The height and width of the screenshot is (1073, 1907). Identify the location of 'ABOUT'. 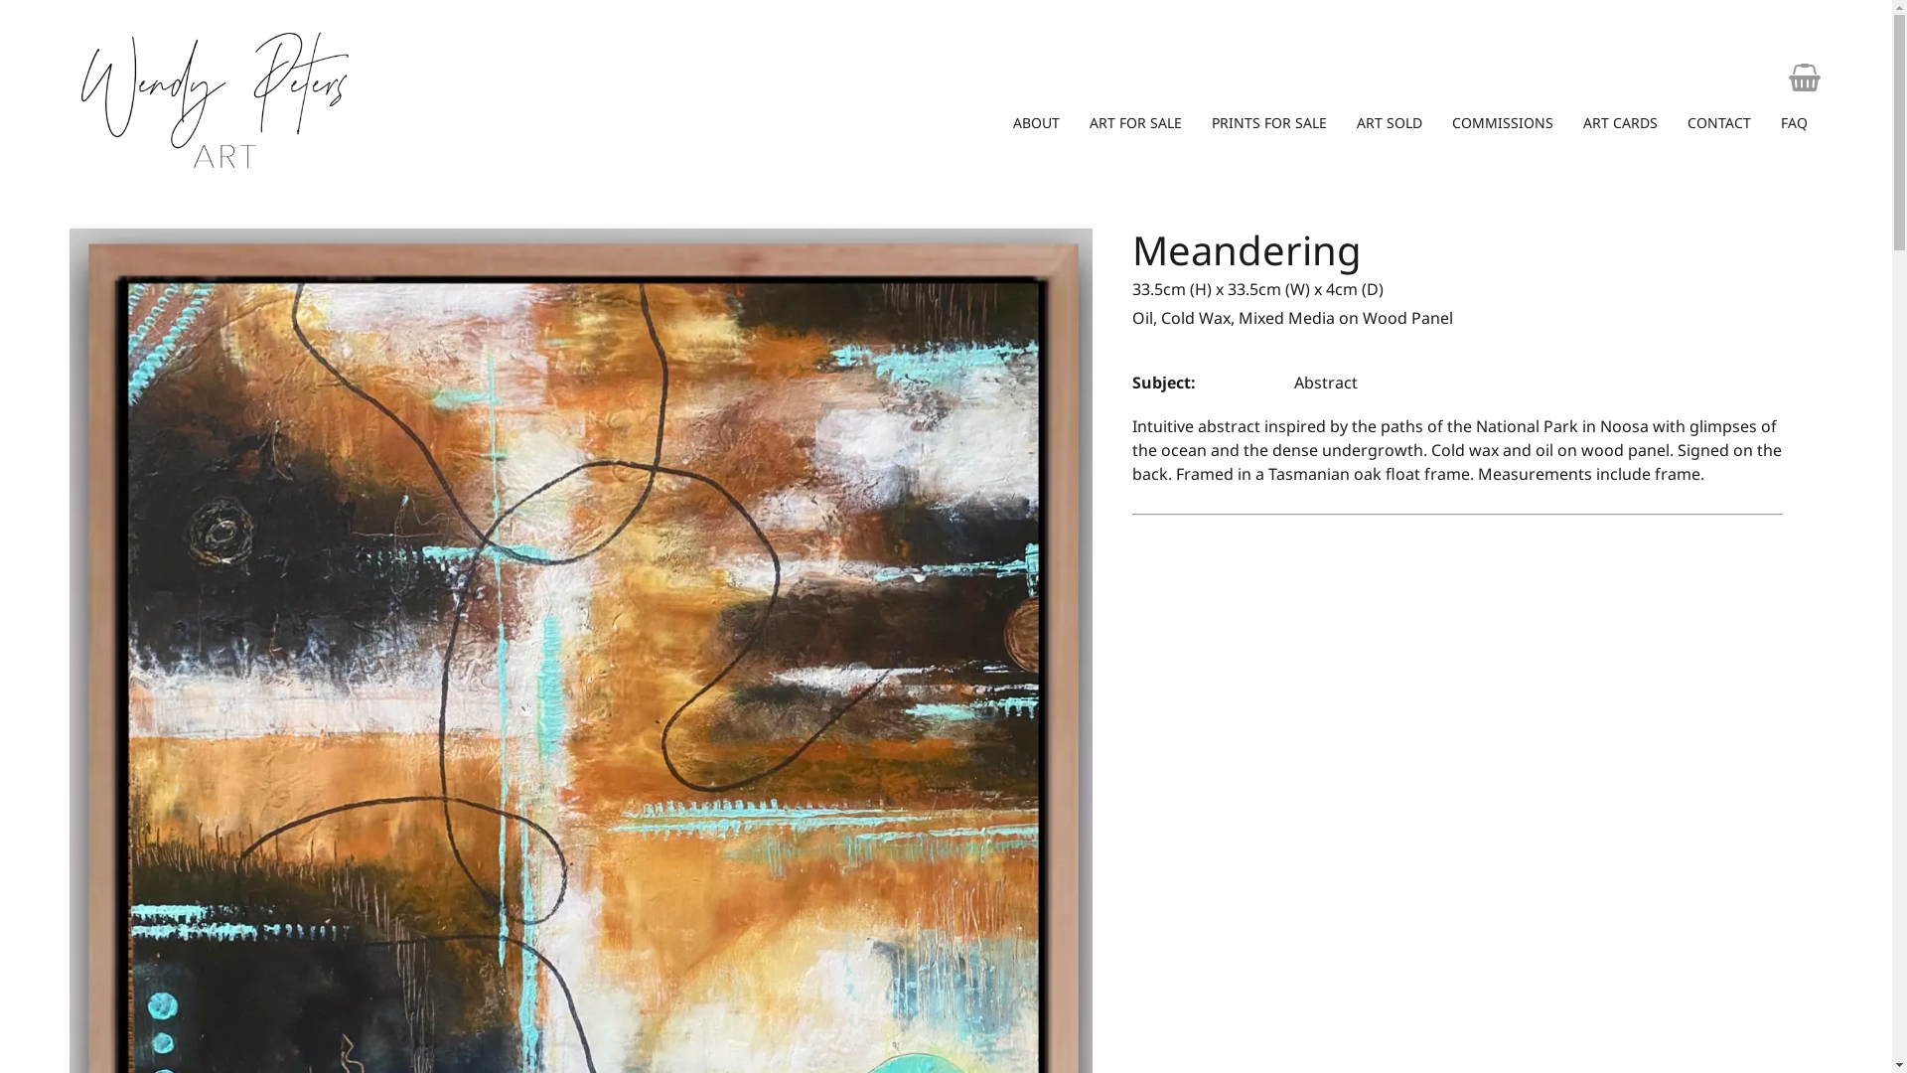
(1035, 122).